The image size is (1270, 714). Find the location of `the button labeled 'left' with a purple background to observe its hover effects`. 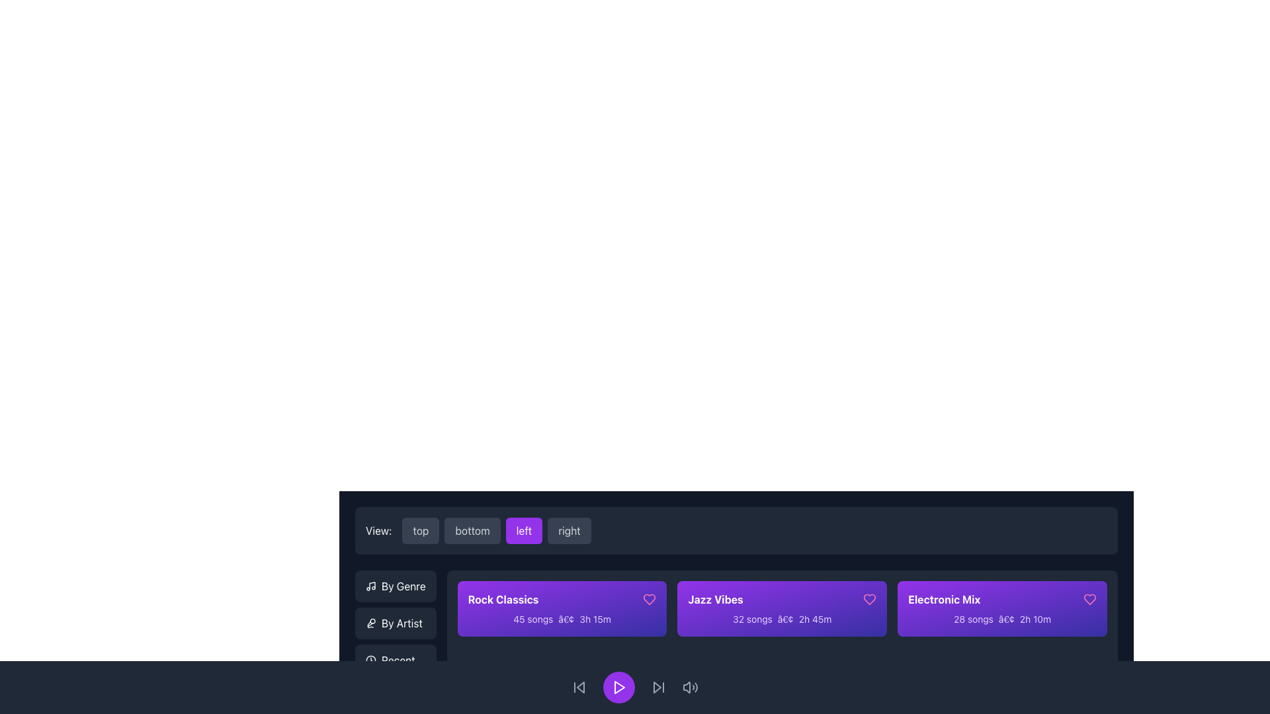

the button labeled 'left' with a purple background to observe its hover effects is located at coordinates (496, 530).